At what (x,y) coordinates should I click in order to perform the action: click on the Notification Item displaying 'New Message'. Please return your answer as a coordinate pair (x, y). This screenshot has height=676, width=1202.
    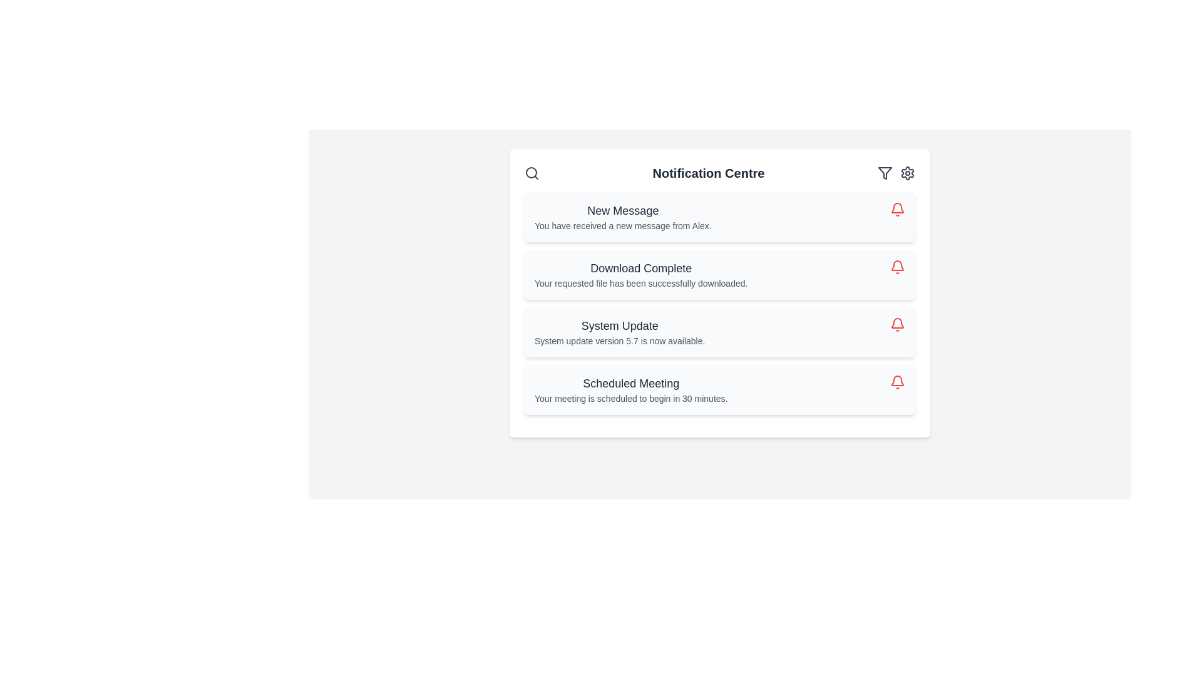
    Looking at the image, I should click on (623, 217).